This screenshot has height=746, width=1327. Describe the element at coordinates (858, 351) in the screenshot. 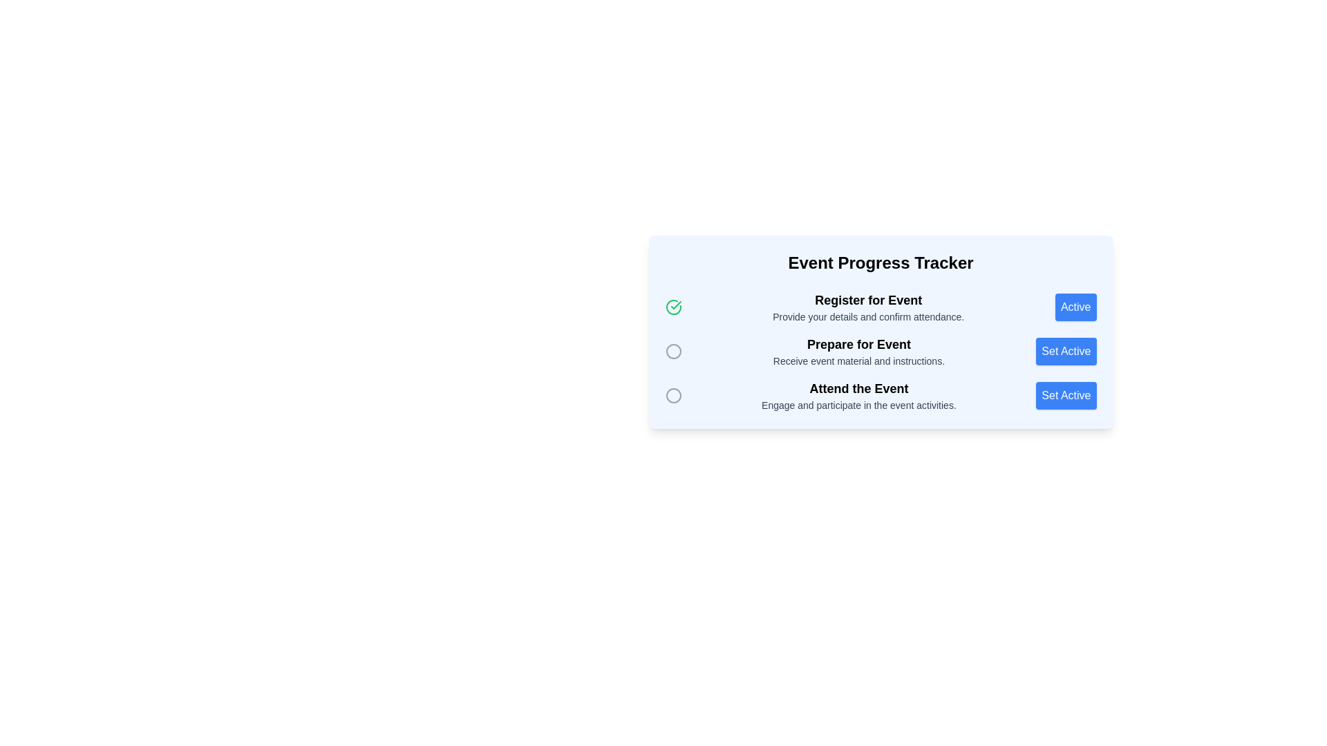

I see `the Text Block that provides information about preparing for an event, positioned between 'Register for Event' and 'Attend the Event'` at that location.